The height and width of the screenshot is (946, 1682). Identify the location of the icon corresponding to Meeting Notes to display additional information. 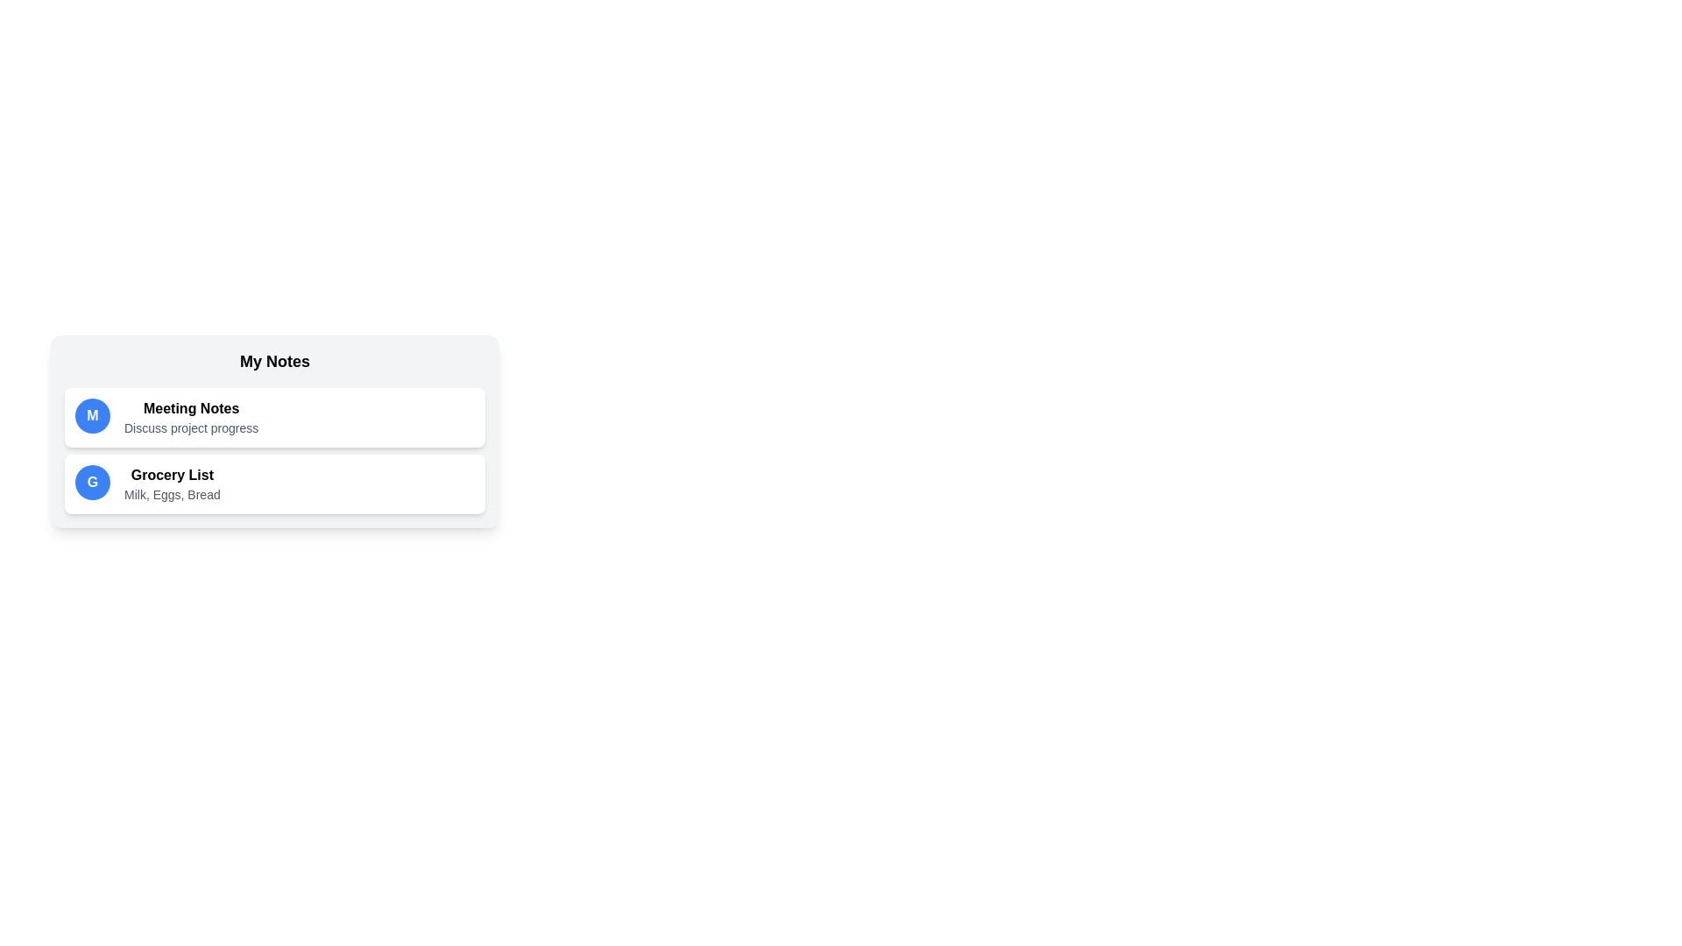
(91, 415).